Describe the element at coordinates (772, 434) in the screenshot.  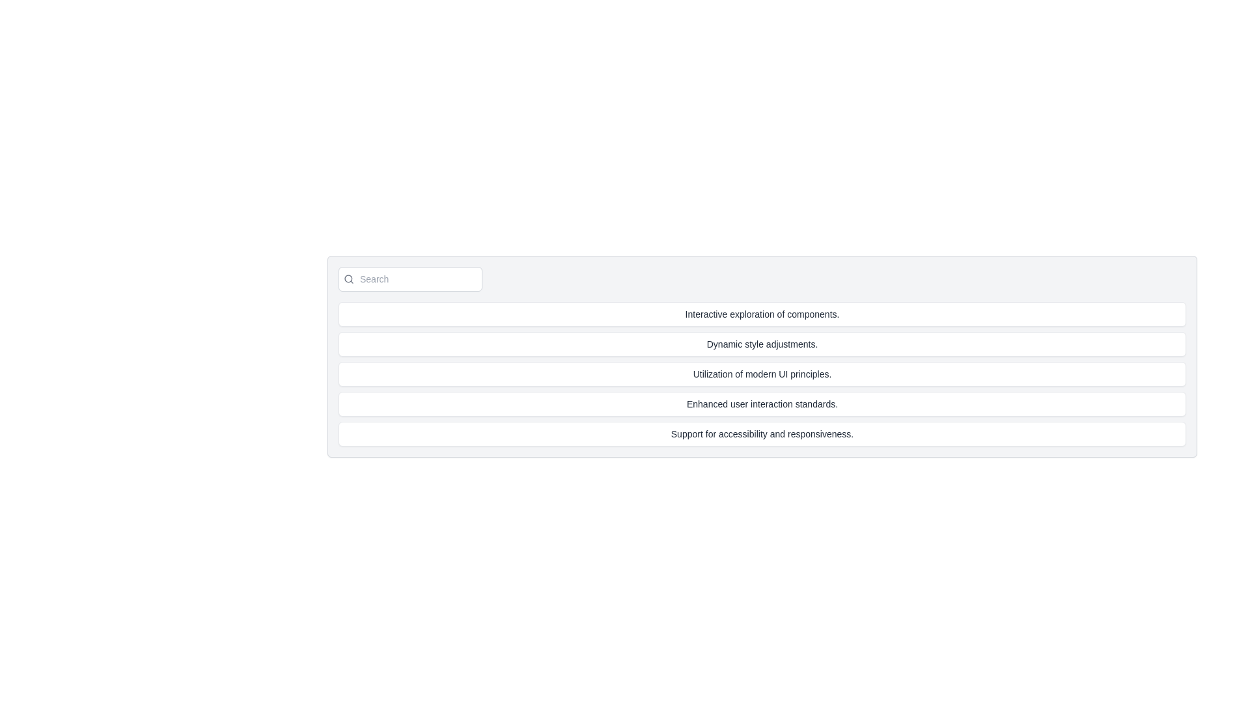
I see `the letter 'a' which is part of the word 'and' in the text 'Support for accessibility and responsiveness.' located at the bottom of a vertically stacked list of items` at that location.